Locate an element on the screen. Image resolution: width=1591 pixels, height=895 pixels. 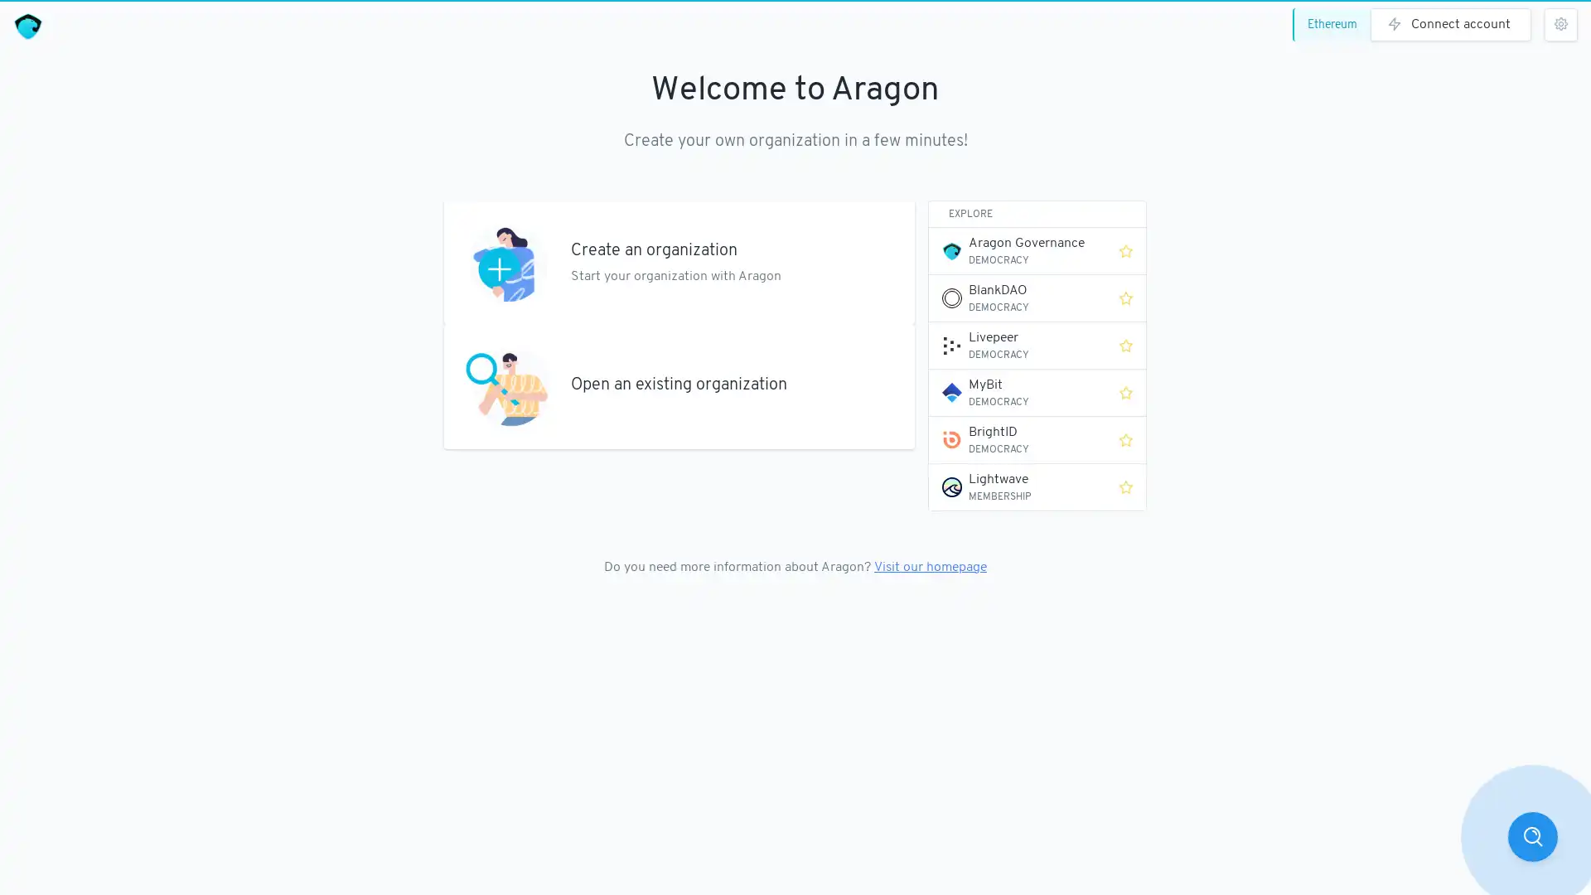
Ethereum is located at coordinates (1335, 25).